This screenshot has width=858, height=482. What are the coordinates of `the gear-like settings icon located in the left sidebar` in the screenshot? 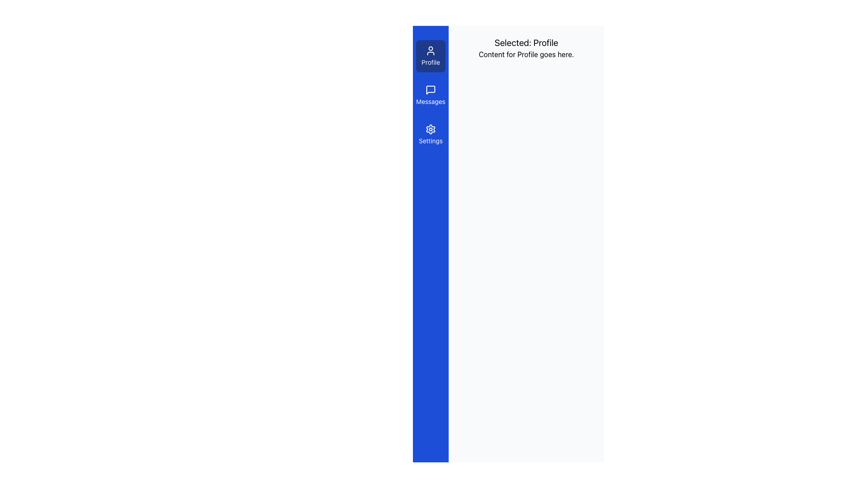 It's located at (431, 129).